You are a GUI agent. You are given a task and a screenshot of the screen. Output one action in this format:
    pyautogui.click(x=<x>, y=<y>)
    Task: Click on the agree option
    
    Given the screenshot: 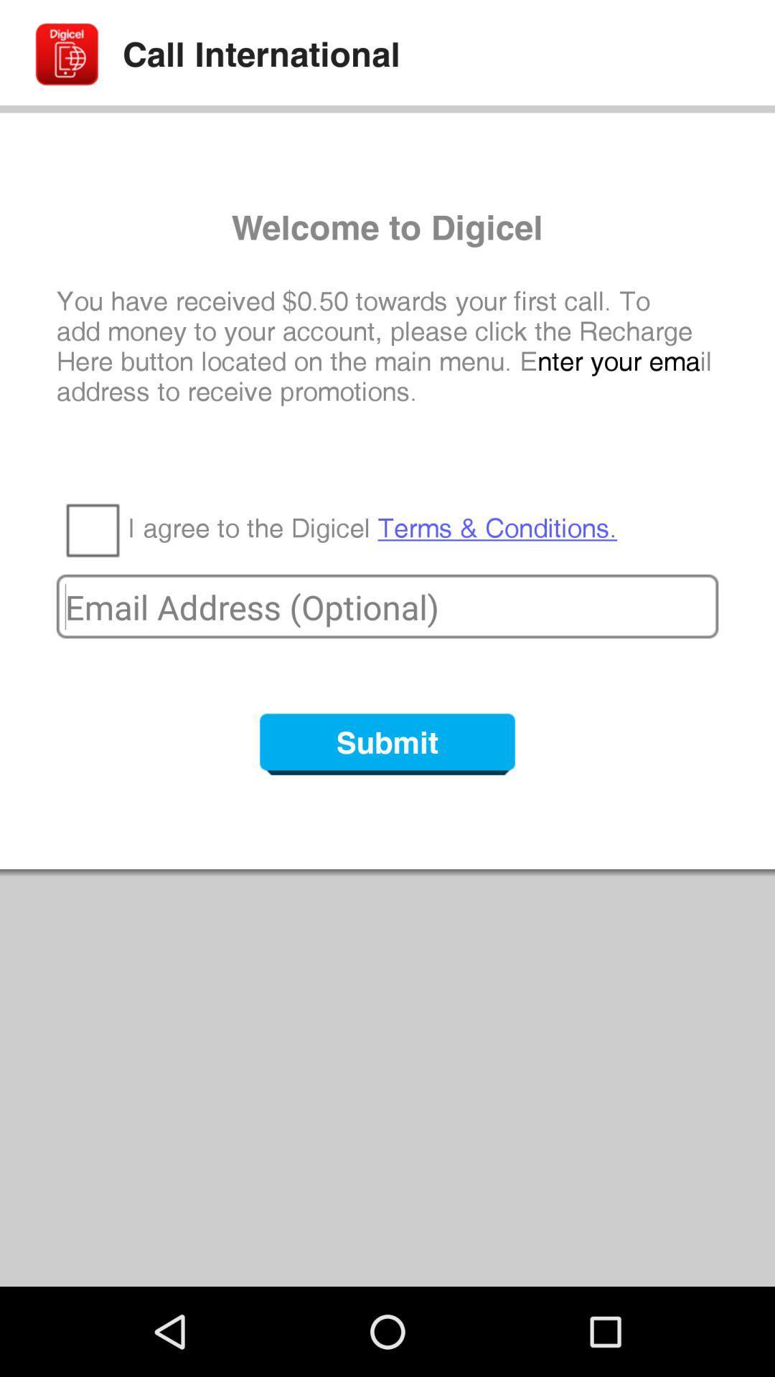 What is the action you would take?
    pyautogui.click(x=92, y=529)
    